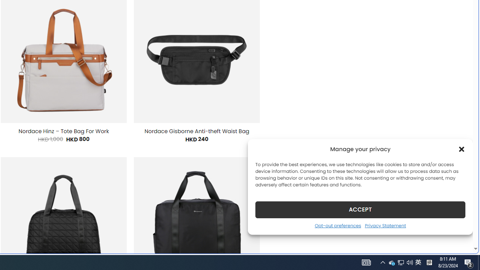 Image resolution: width=480 pixels, height=270 pixels. I want to click on 'Privacy Statement', so click(385, 225).